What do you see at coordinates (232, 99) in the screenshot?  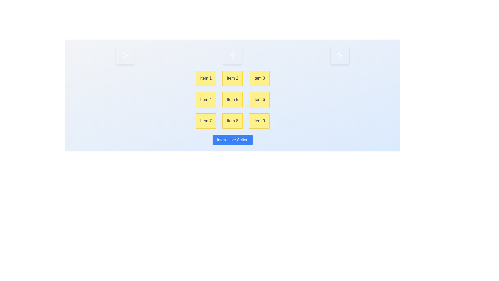 I see `the Label or Static Block with a yellow background displaying the text 'Item 5', located in the middle column and middle row of a 3x3 grid layout` at bounding box center [232, 99].